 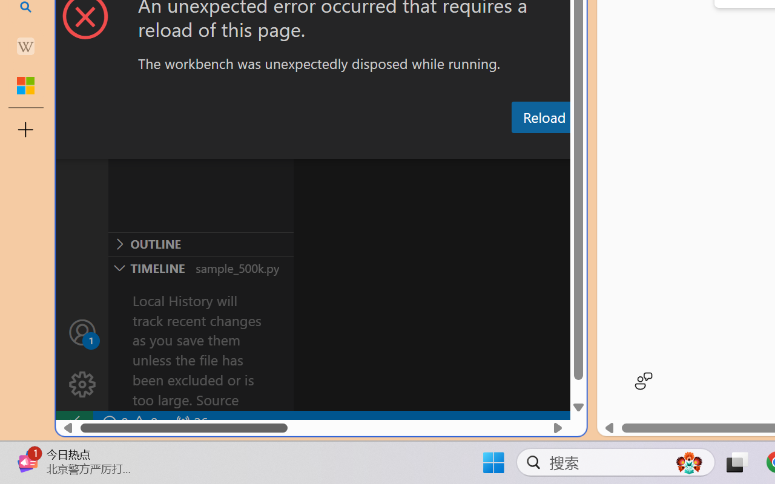 What do you see at coordinates (200, 244) in the screenshot?
I see `'Outline Section'` at bounding box center [200, 244].